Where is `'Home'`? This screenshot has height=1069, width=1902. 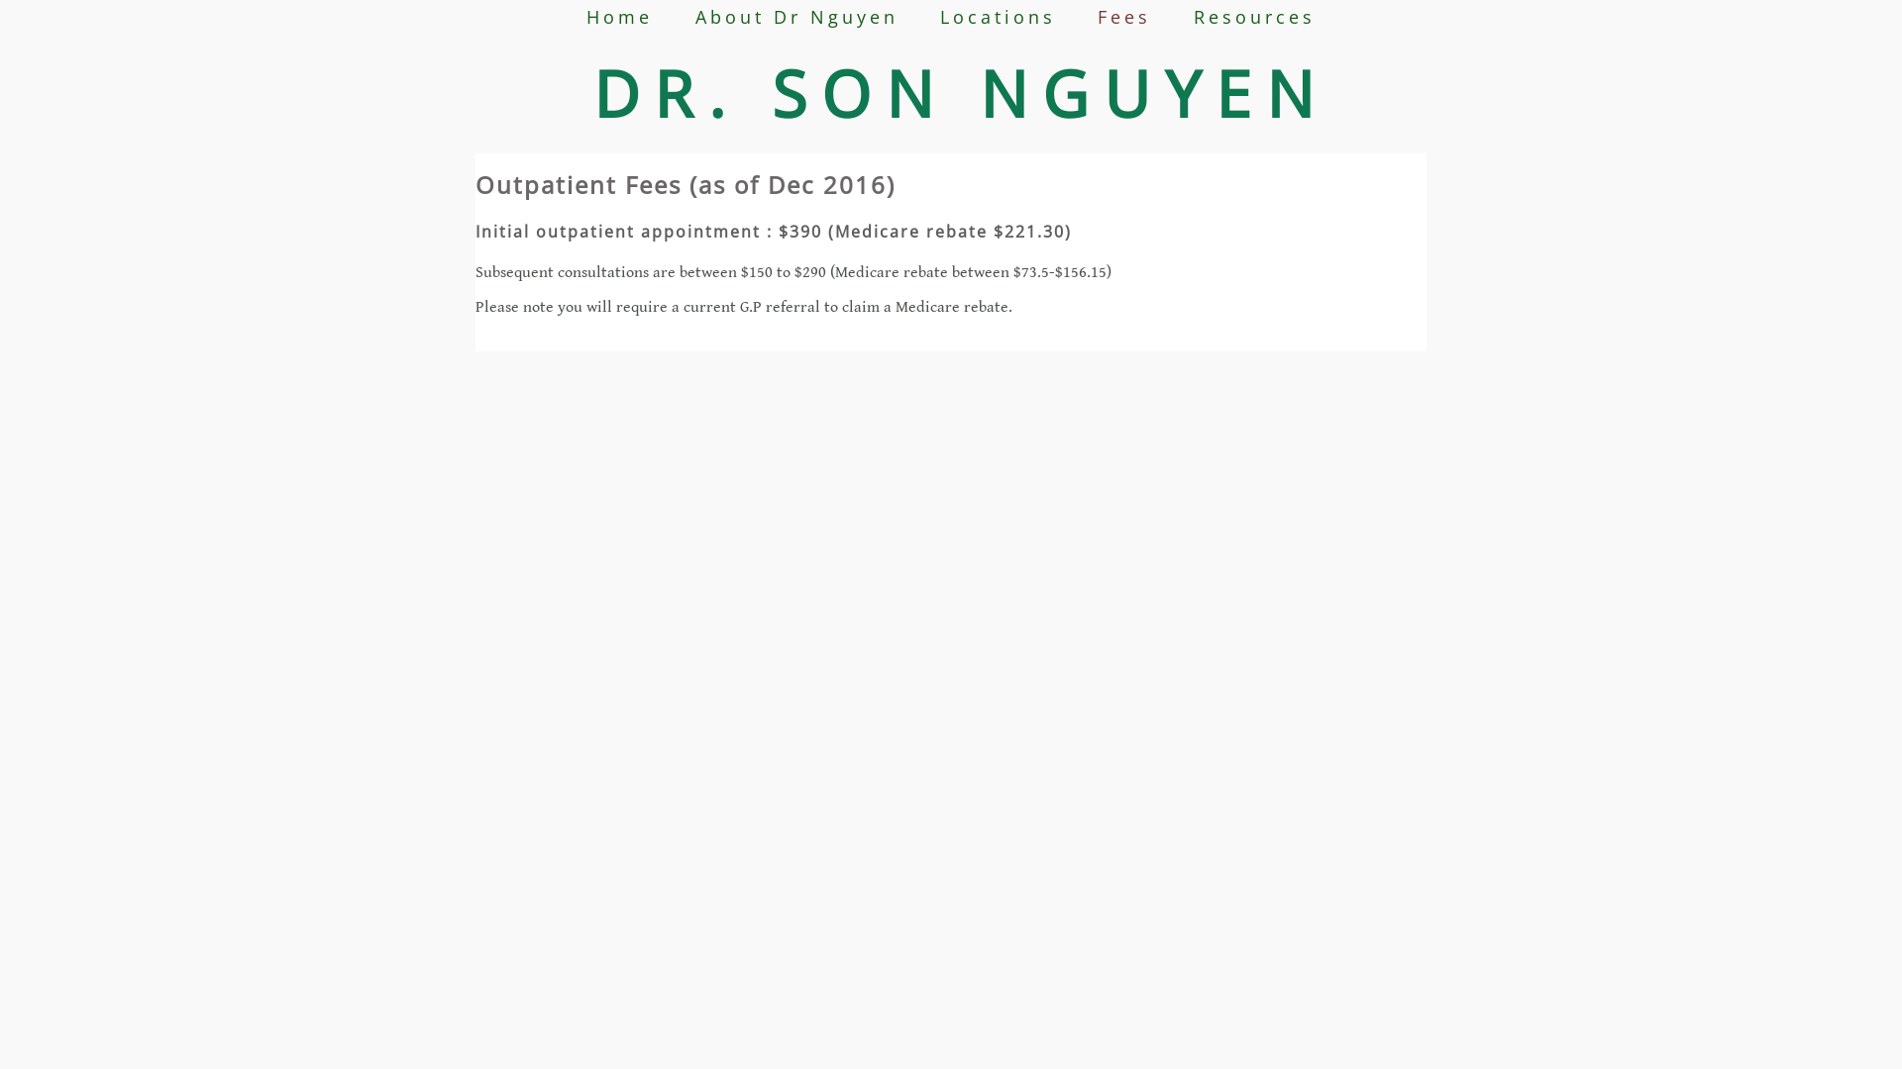
'Home' is located at coordinates (618, 16).